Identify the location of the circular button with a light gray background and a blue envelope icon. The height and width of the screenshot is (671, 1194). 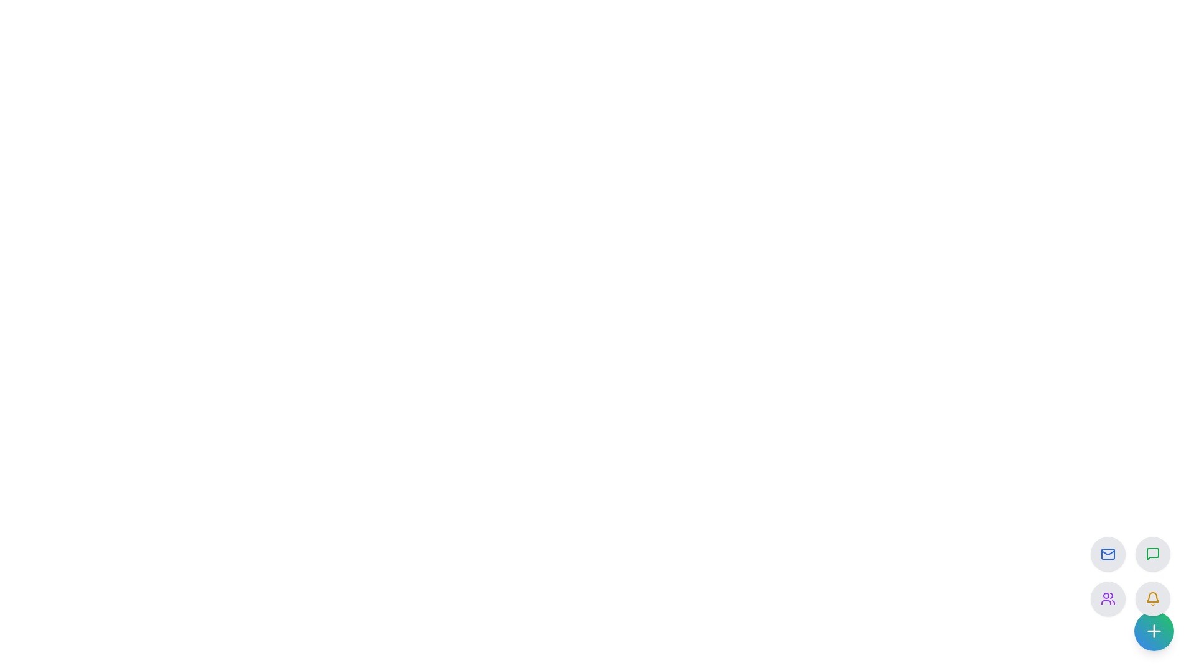
(1108, 553).